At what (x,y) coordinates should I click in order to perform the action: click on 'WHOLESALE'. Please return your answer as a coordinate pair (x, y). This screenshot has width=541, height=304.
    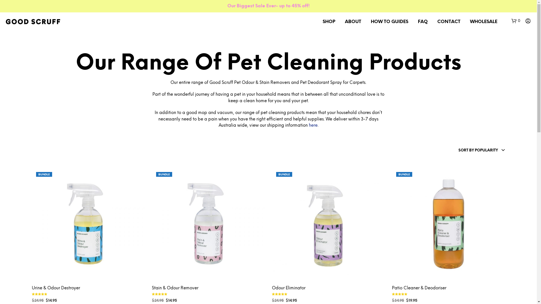
    Looking at the image, I should click on (483, 21).